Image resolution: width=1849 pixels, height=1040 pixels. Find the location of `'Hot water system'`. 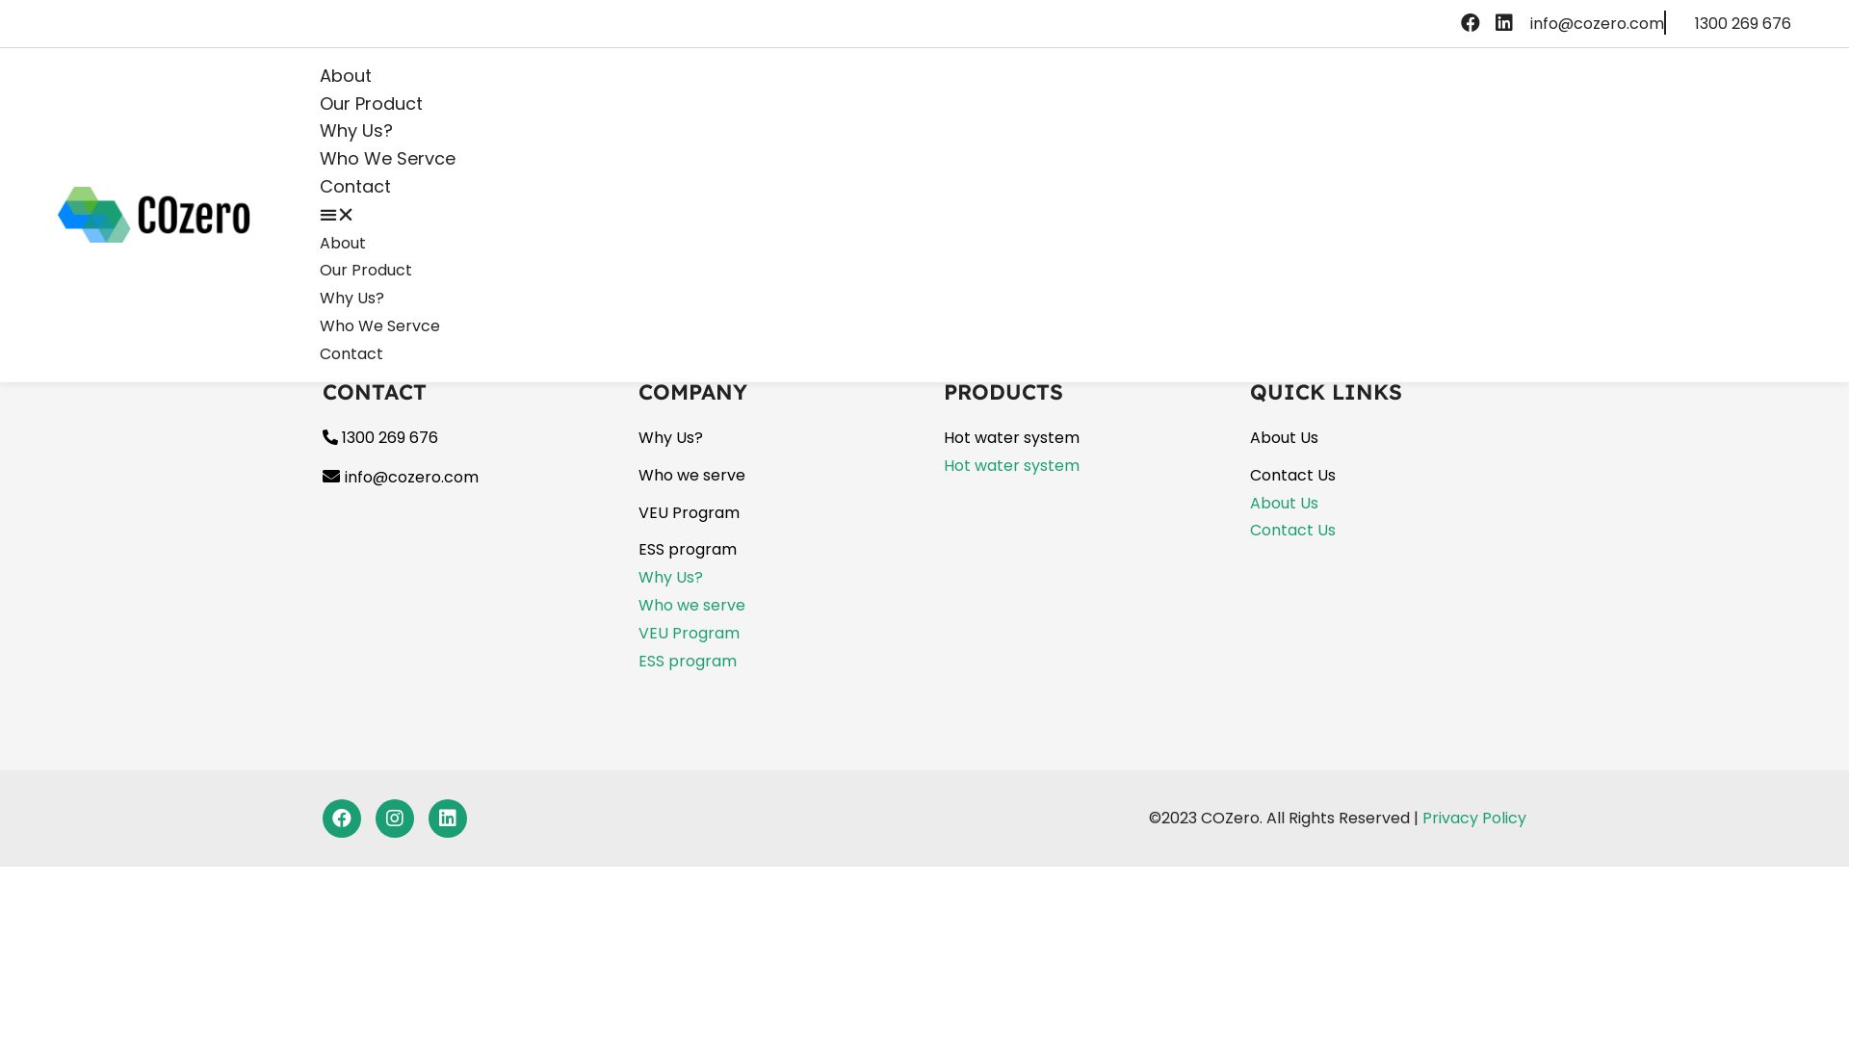

'Hot water system' is located at coordinates (1010, 437).